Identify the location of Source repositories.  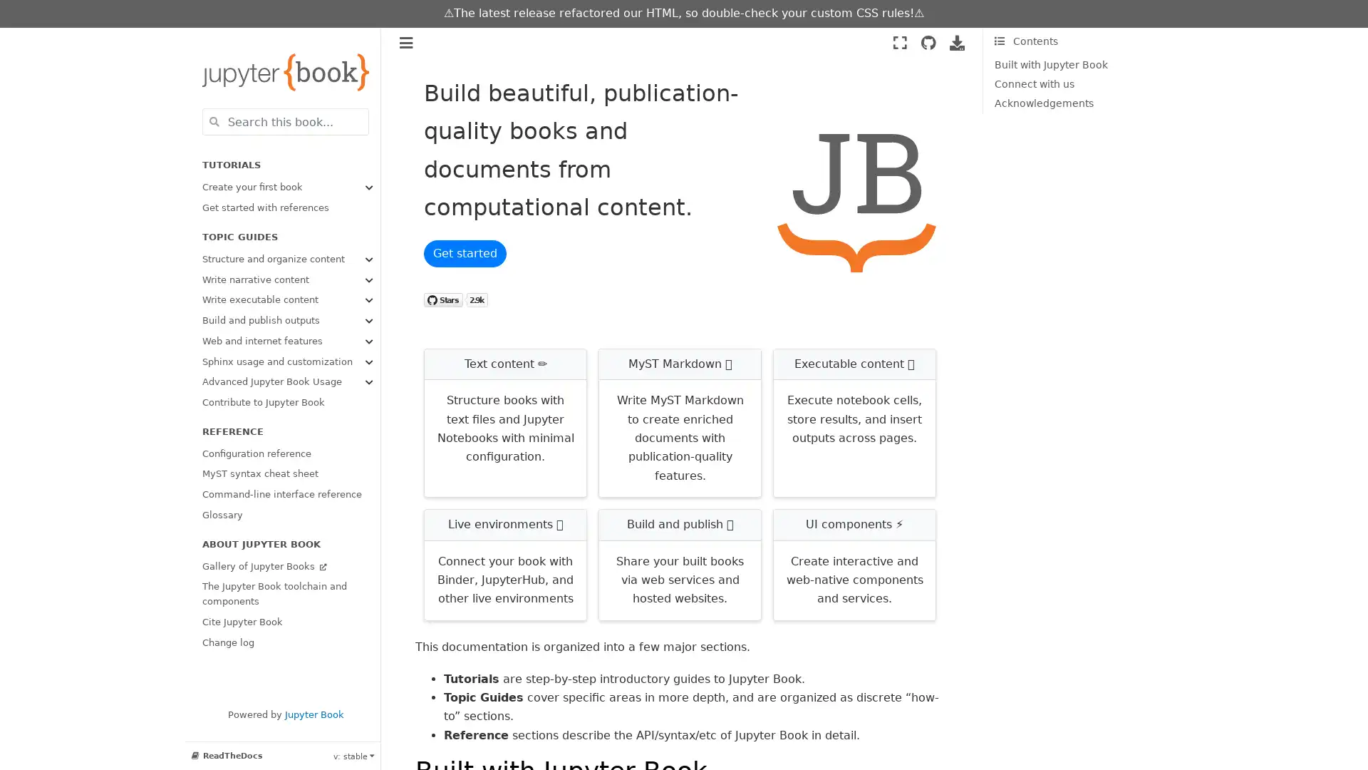
(928, 42).